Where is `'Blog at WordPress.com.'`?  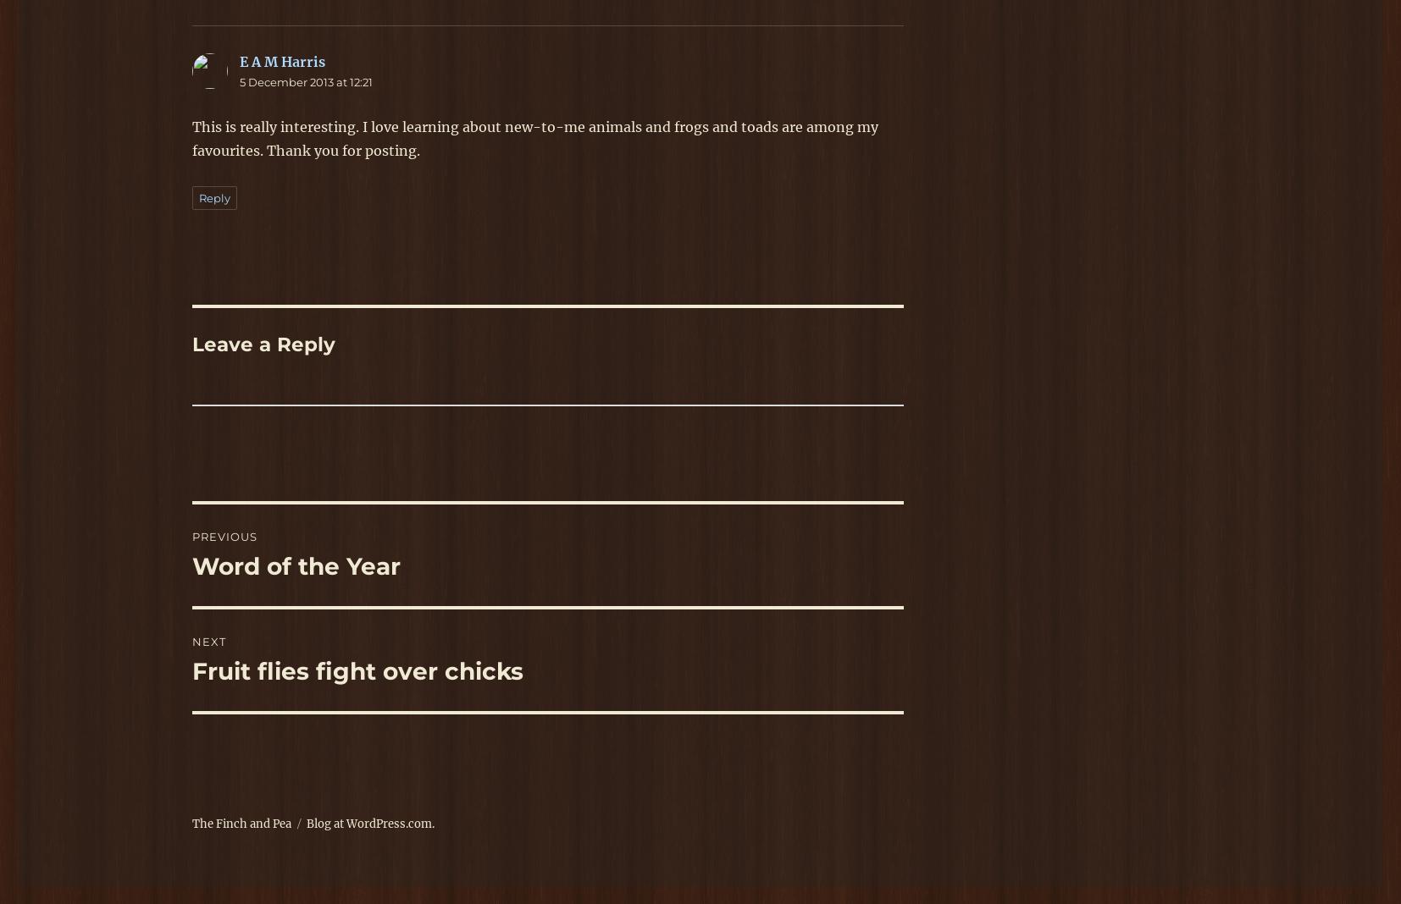
'Blog at WordPress.com.' is located at coordinates (370, 824).